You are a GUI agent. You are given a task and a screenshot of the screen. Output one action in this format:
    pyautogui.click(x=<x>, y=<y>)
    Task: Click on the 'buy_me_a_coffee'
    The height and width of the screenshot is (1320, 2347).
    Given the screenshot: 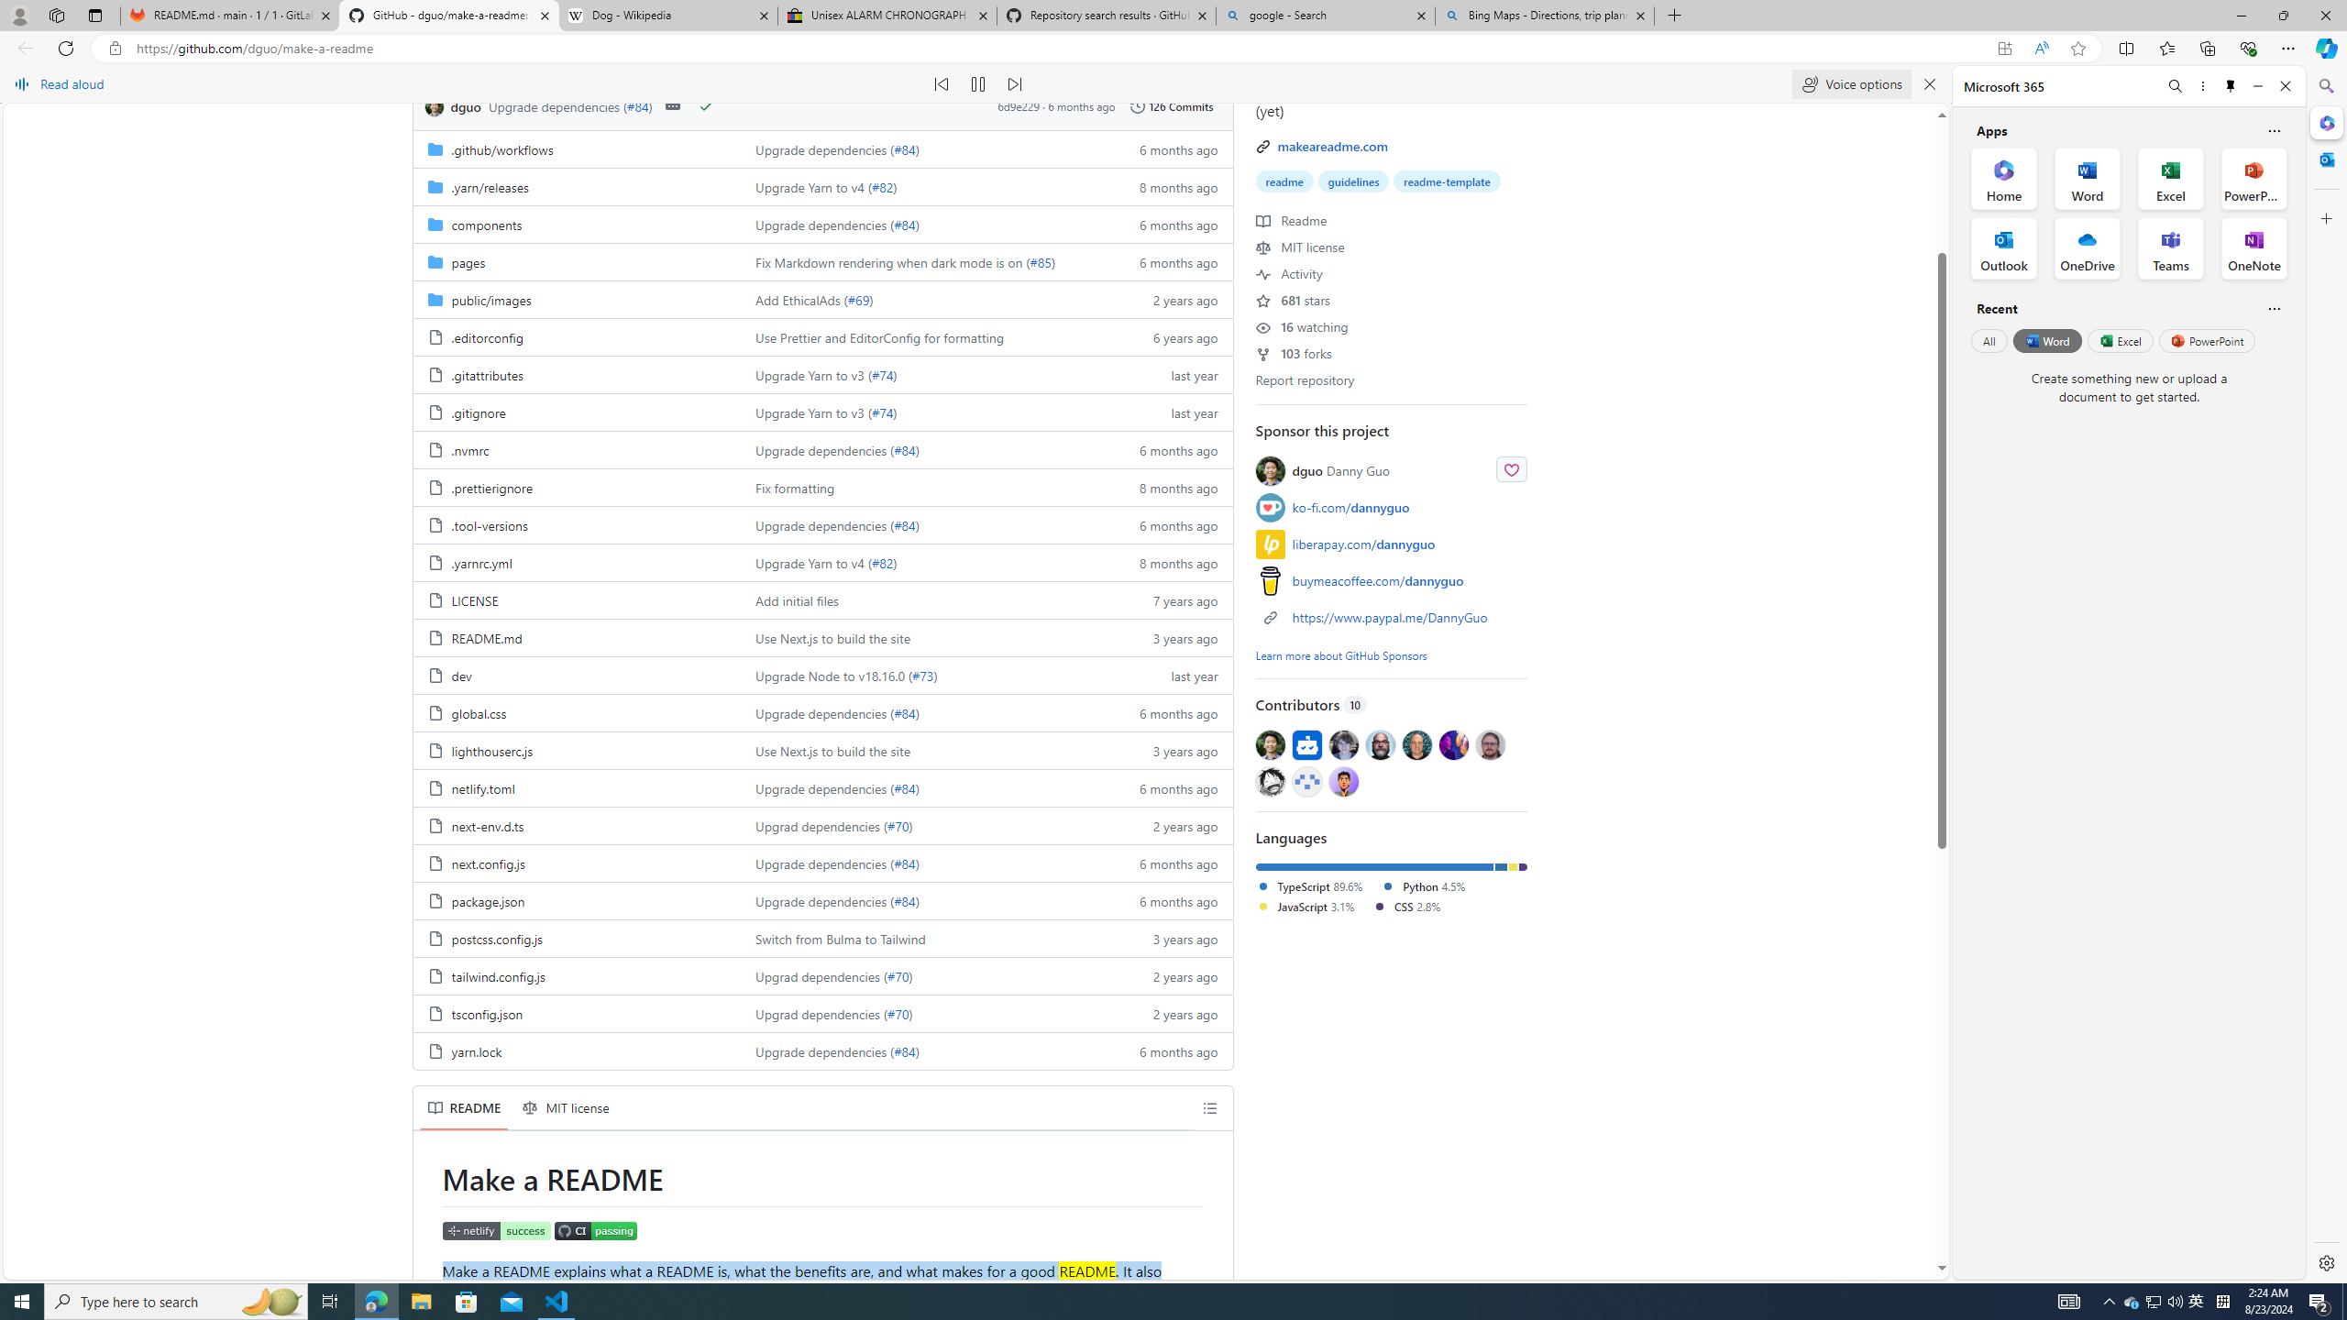 What is the action you would take?
    pyautogui.click(x=1270, y=578)
    